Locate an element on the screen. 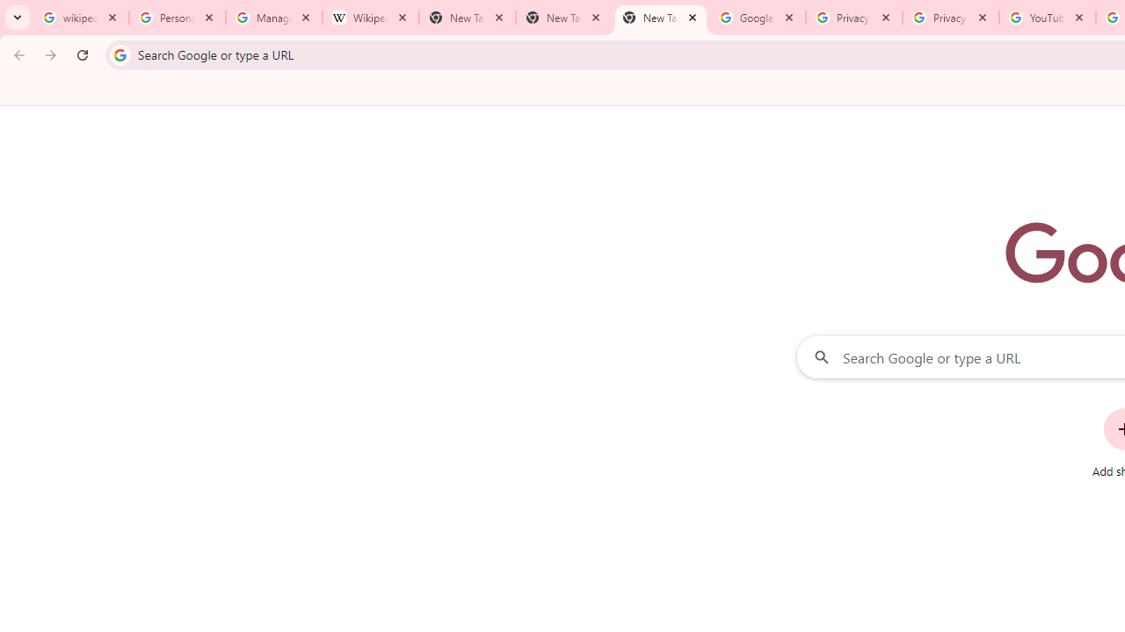 This screenshot has height=632, width=1125. 'Manage your Location History - Google Search Help' is located at coordinates (273, 18).